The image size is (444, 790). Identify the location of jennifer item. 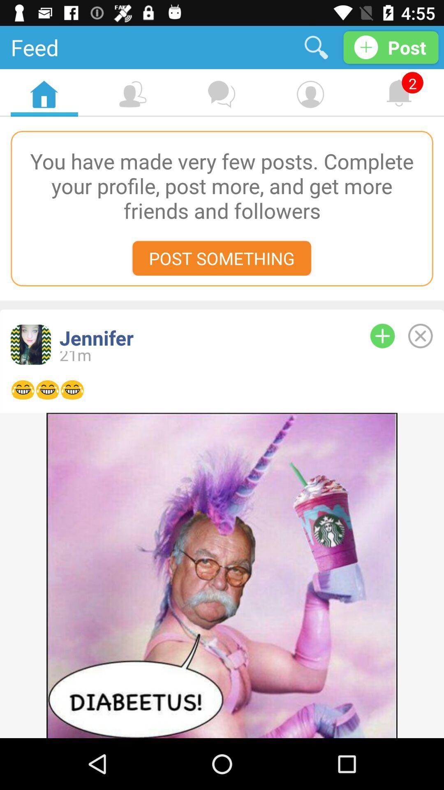
(201, 338).